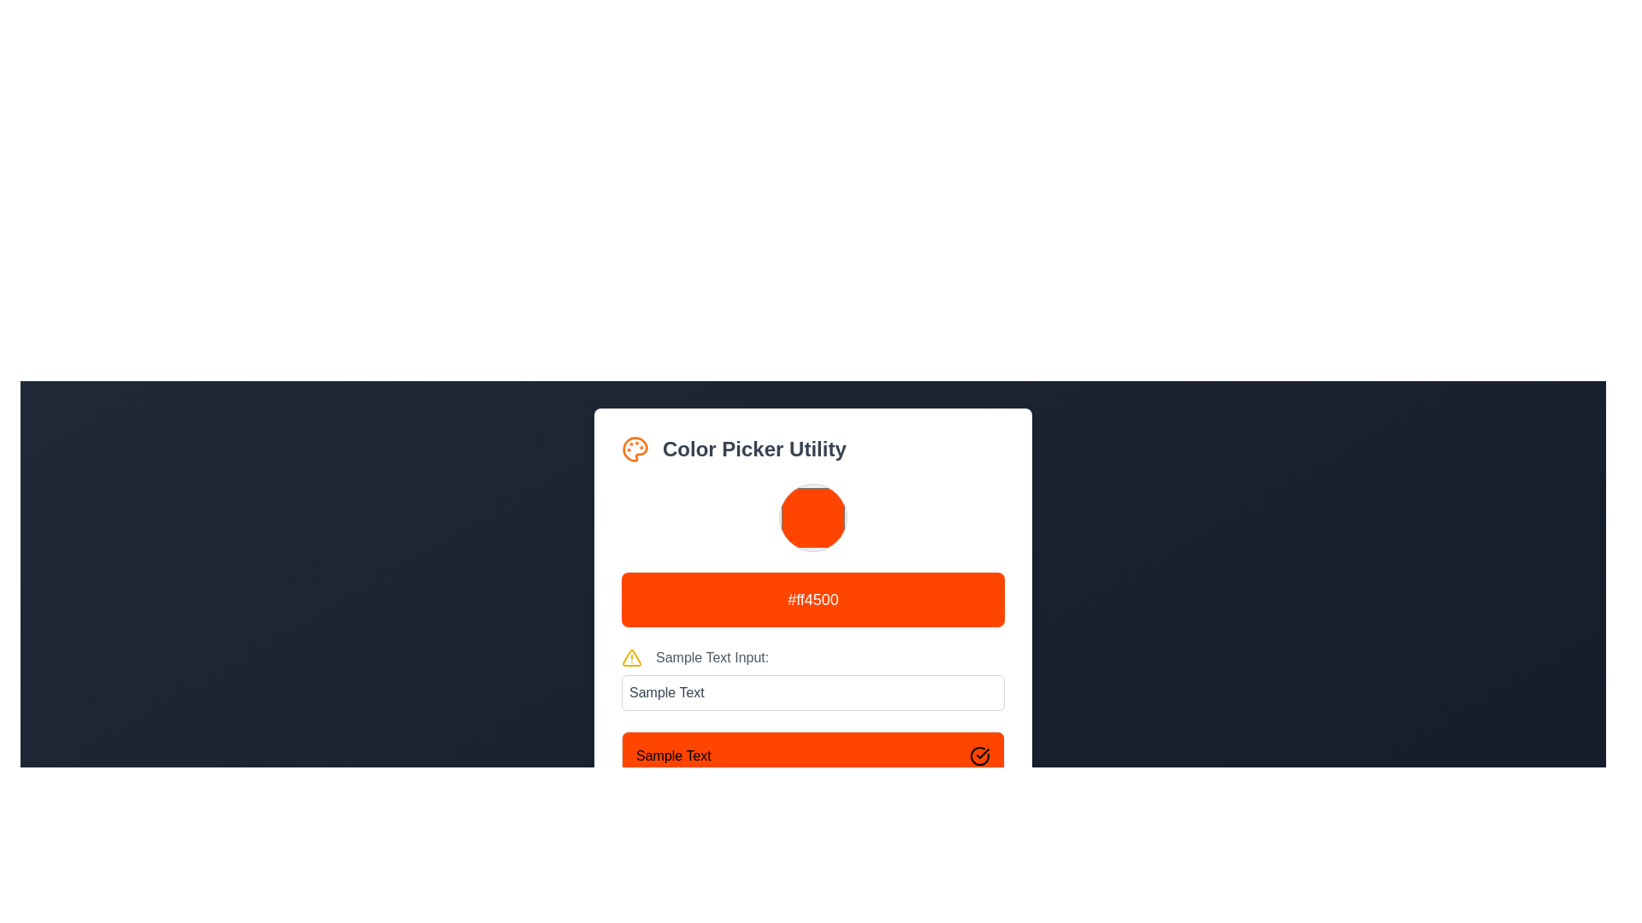  What do you see at coordinates (812, 516) in the screenshot?
I see `the Color Picker Swatch` at bounding box center [812, 516].